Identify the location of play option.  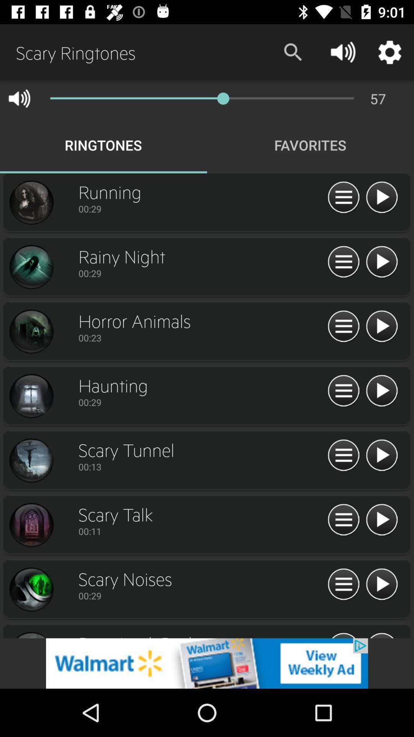
(381, 584).